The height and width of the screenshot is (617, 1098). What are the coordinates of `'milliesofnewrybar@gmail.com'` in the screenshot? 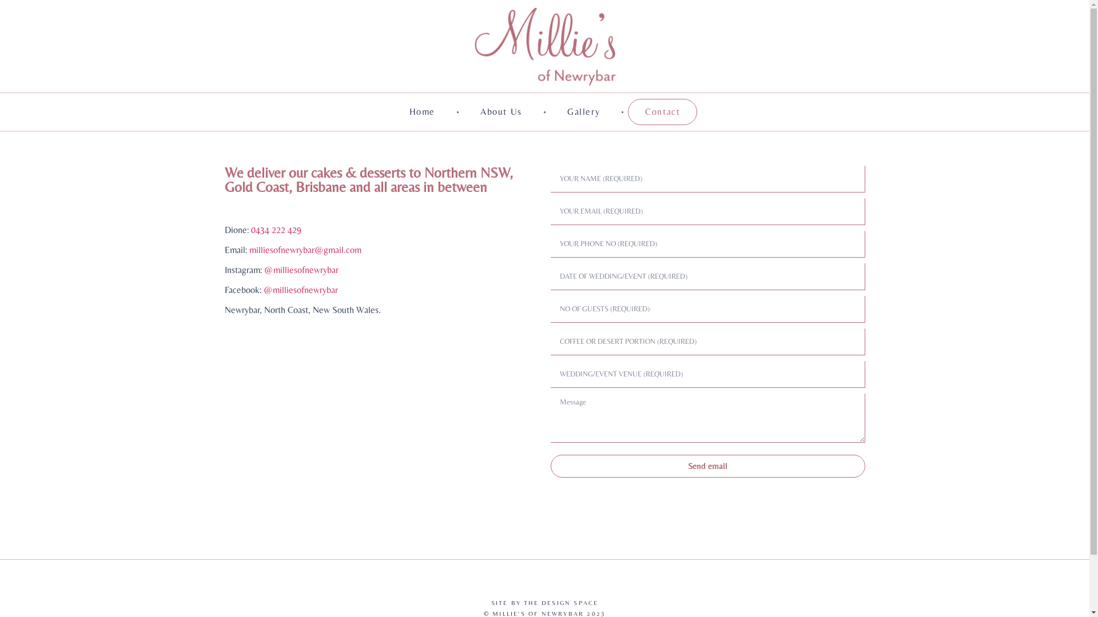 It's located at (305, 249).